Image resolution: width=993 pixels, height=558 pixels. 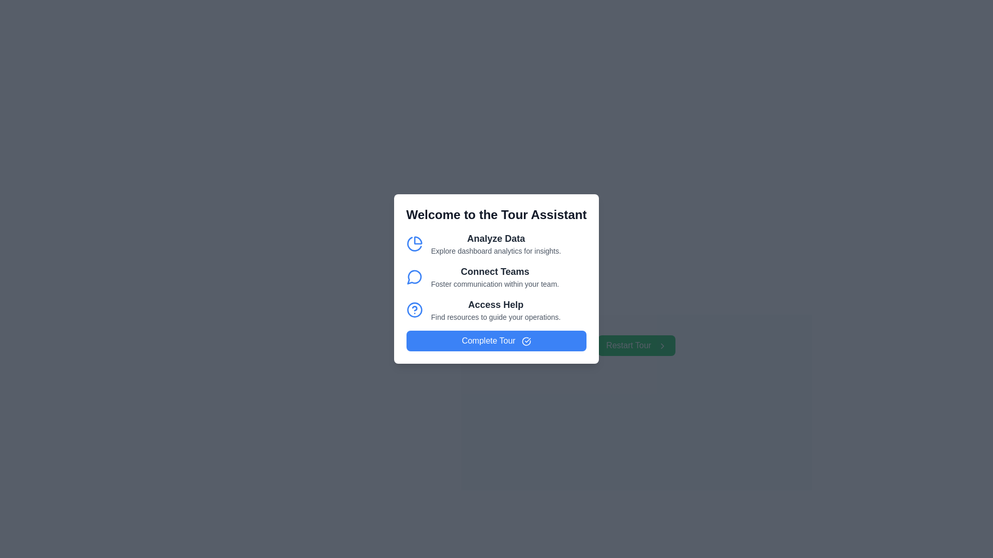 I want to click on the reset button for the tour functionality located at the bottom-right corner of the dialog box, next to the 'Complete Tour' button, so click(x=636, y=345).